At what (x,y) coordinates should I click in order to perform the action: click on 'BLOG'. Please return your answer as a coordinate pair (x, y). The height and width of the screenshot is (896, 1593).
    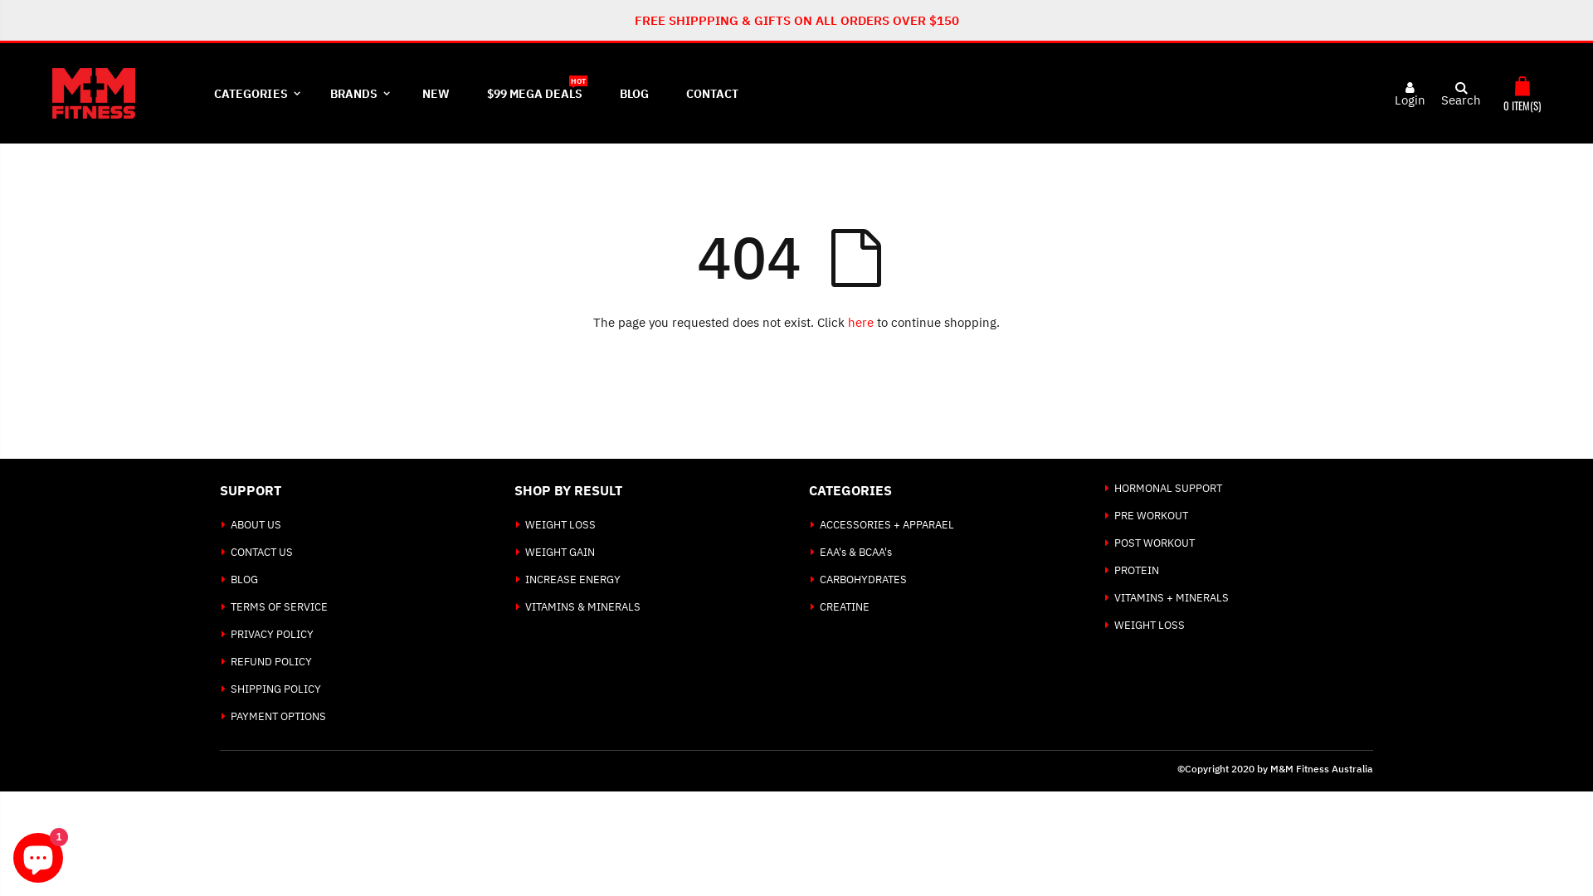
    Looking at the image, I should click on (243, 578).